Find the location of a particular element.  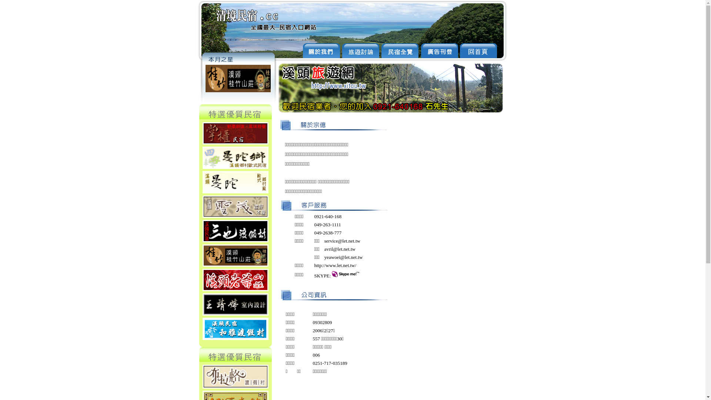

'http://www.let.net.tw/' is located at coordinates (335, 265).